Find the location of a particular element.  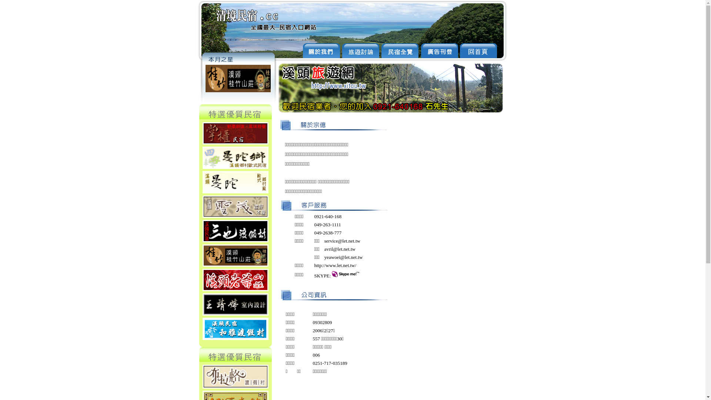

'http://www.let.net.tw/' is located at coordinates (335, 265).